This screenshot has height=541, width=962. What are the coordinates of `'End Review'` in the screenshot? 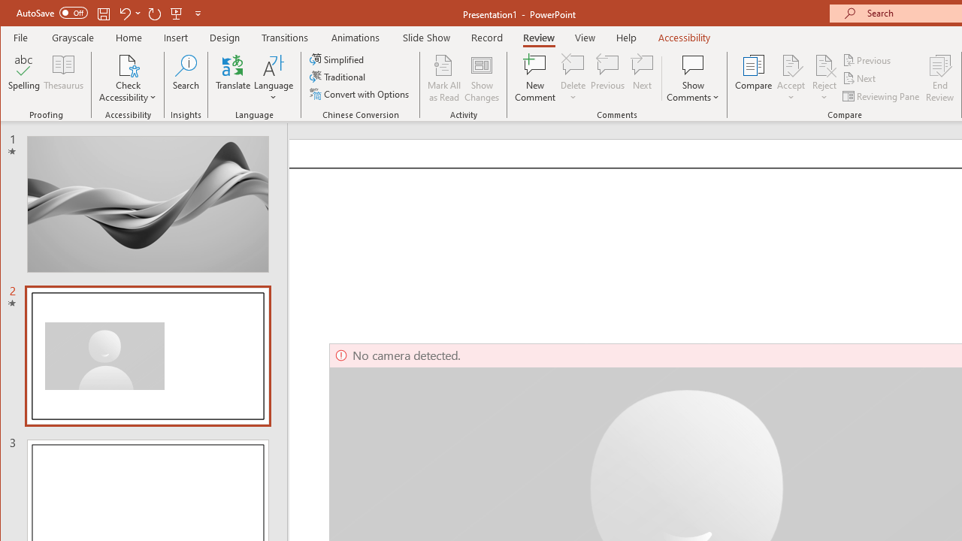 It's located at (939, 78).